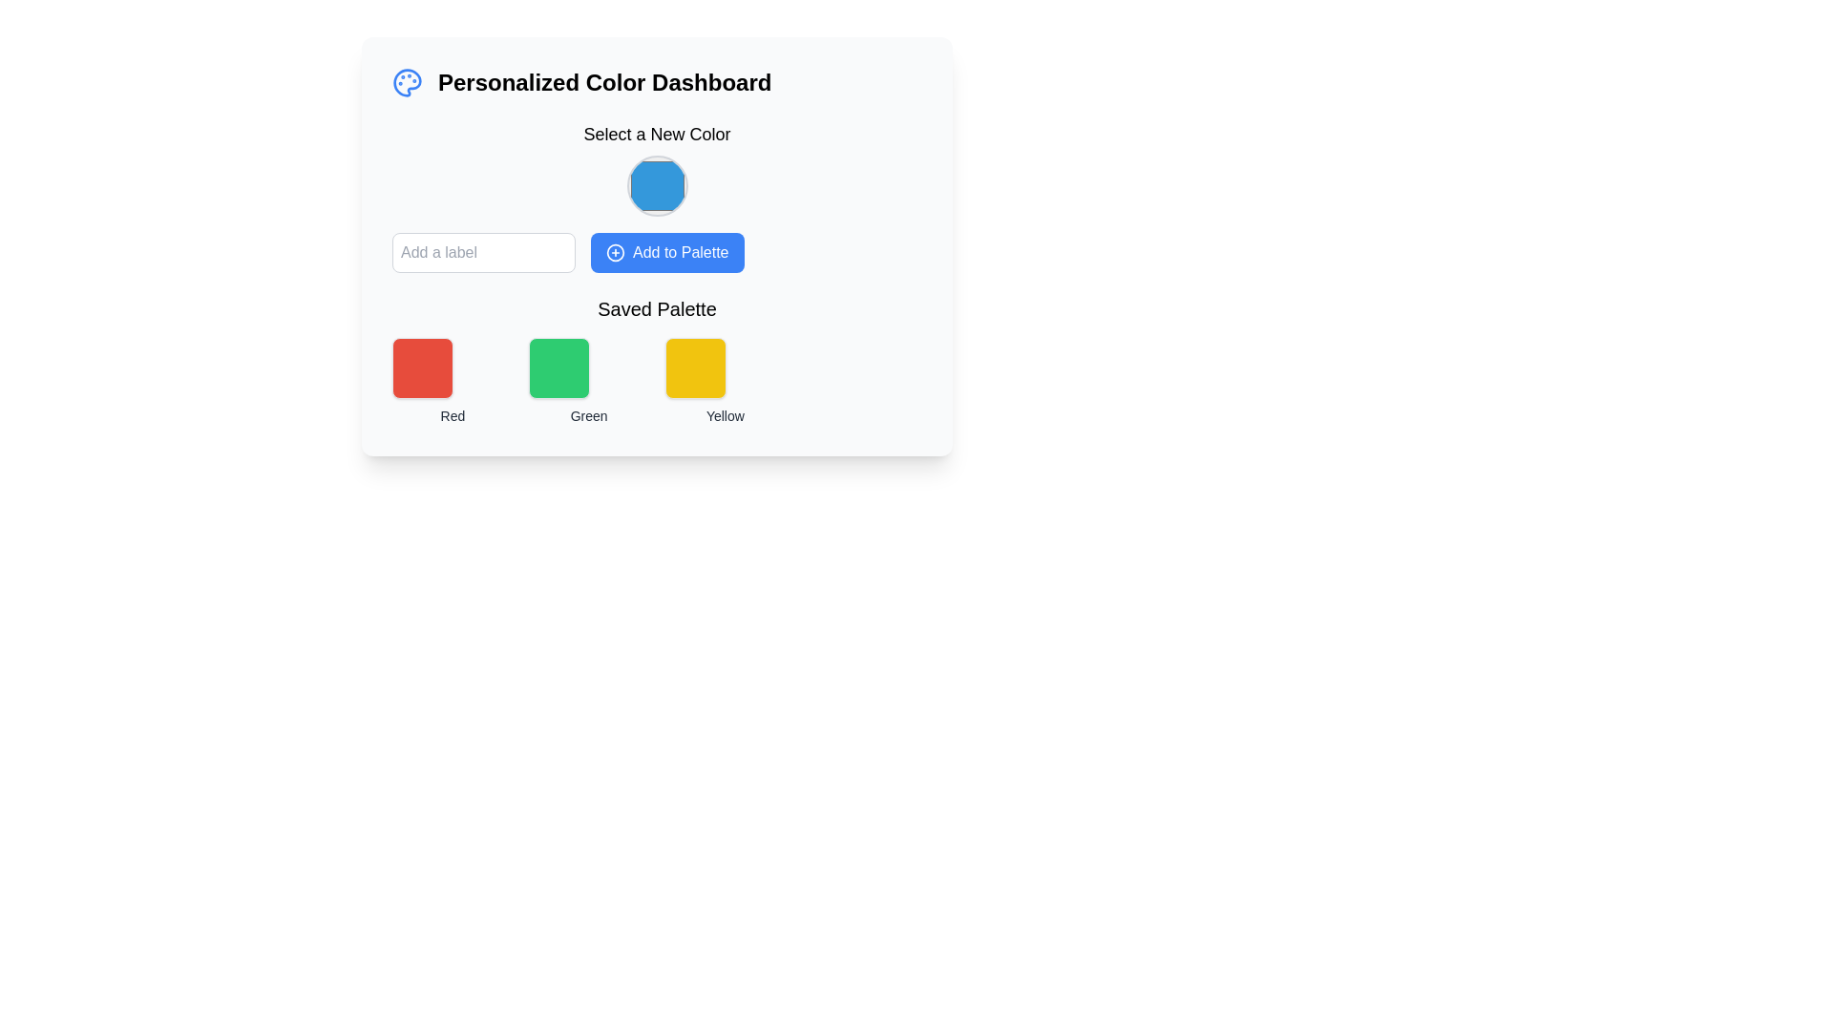 The image size is (1833, 1031). Describe the element at coordinates (667, 252) in the screenshot. I see `the button with the blue background and white text reading 'Add to Palette'` at that location.